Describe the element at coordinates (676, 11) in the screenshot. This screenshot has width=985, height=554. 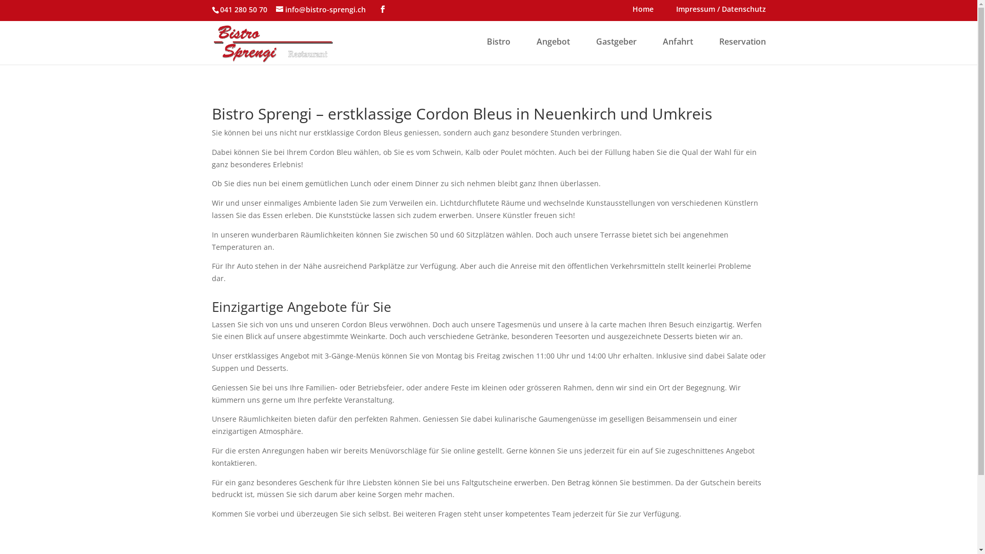
I see `'Impressum / Datenschutz'` at that location.